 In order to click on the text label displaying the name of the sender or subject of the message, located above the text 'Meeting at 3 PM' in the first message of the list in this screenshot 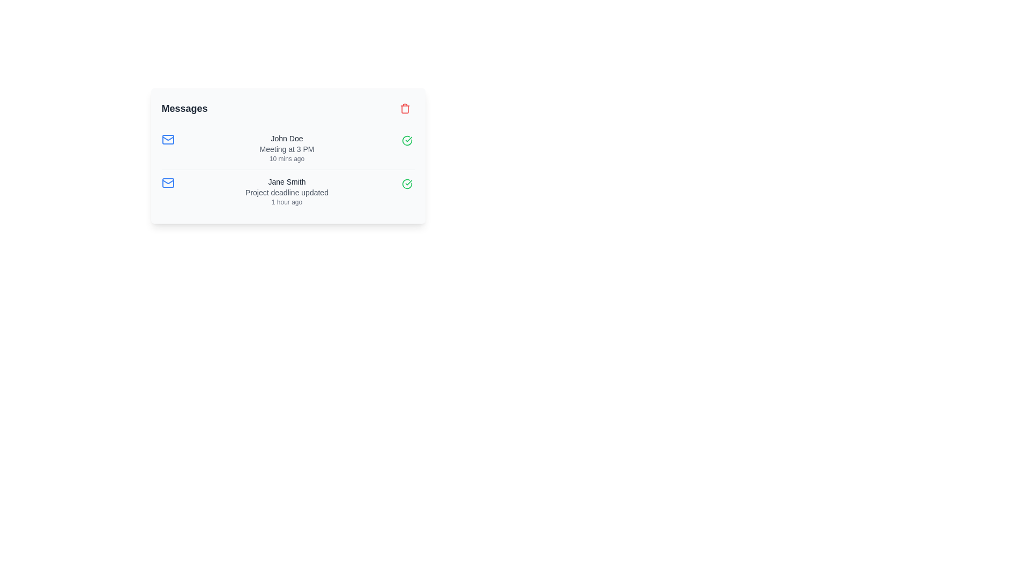, I will do `click(287, 138)`.